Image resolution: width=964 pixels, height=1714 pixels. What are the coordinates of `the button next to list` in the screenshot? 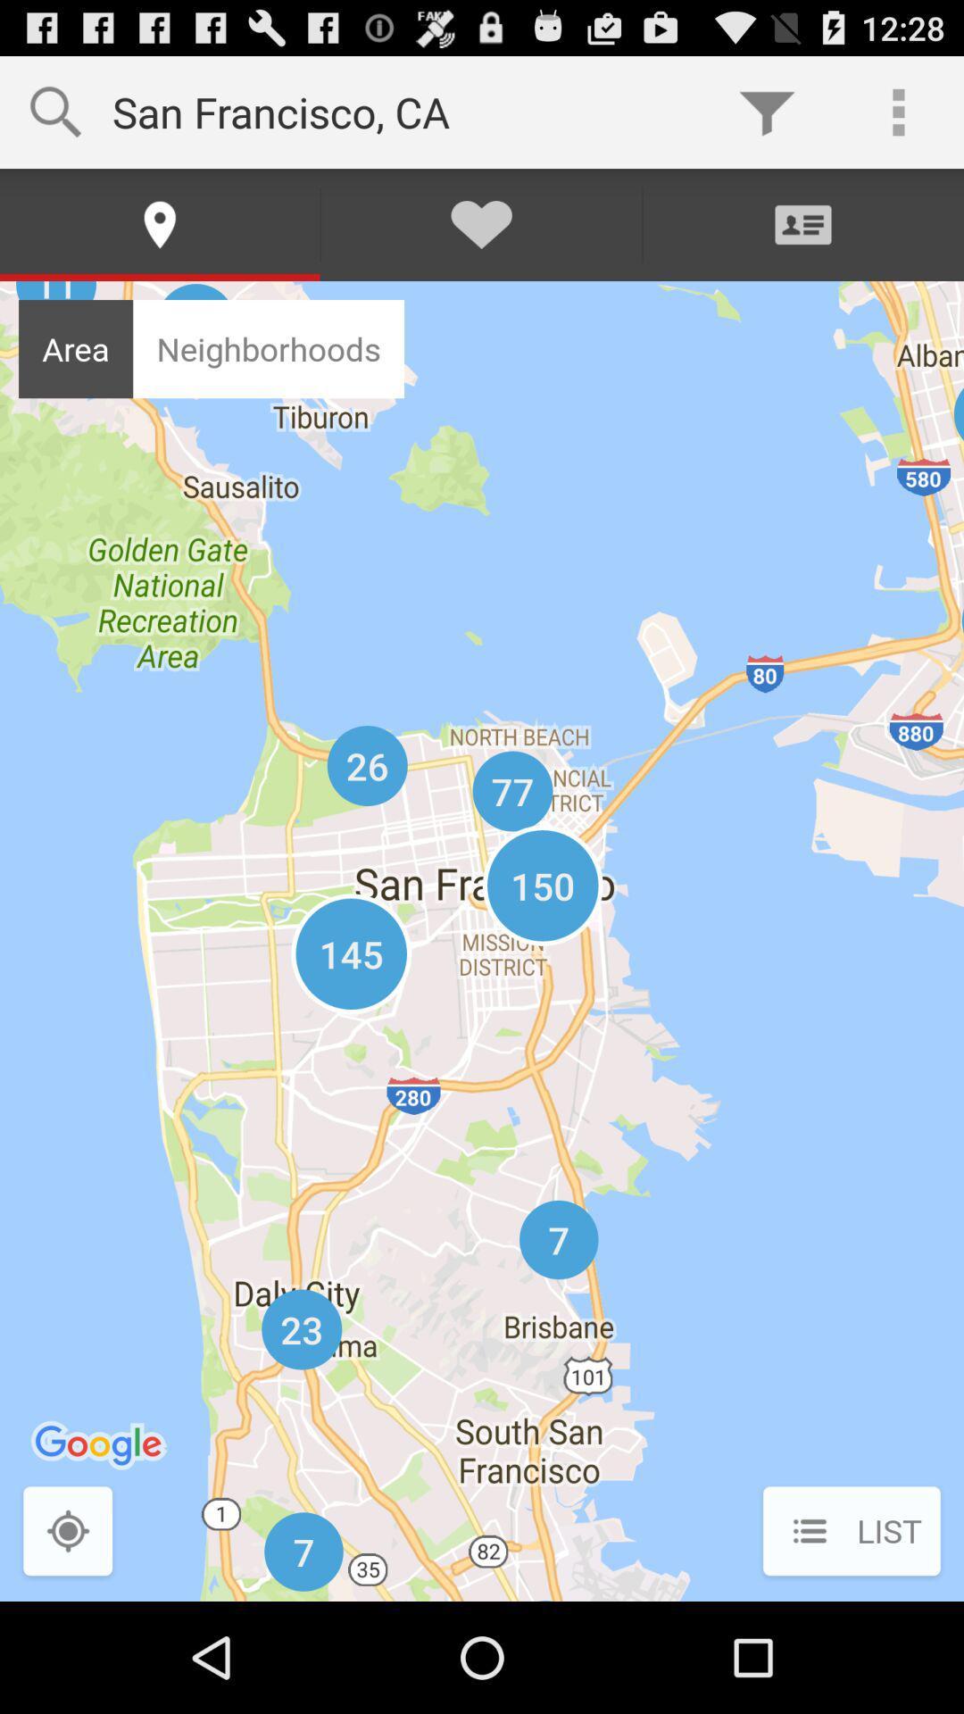 It's located at (67, 1532).